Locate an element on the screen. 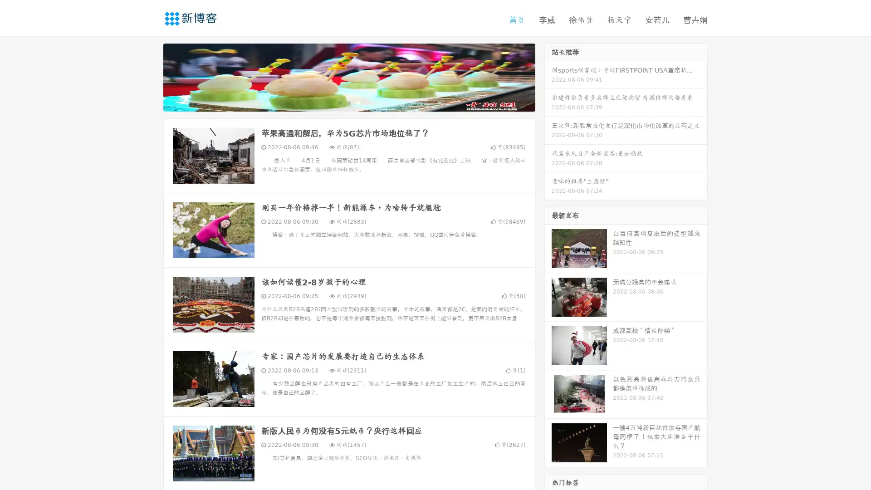 This screenshot has width=871, height=490. Go to slide 1 is located at coordinates (339, 102).